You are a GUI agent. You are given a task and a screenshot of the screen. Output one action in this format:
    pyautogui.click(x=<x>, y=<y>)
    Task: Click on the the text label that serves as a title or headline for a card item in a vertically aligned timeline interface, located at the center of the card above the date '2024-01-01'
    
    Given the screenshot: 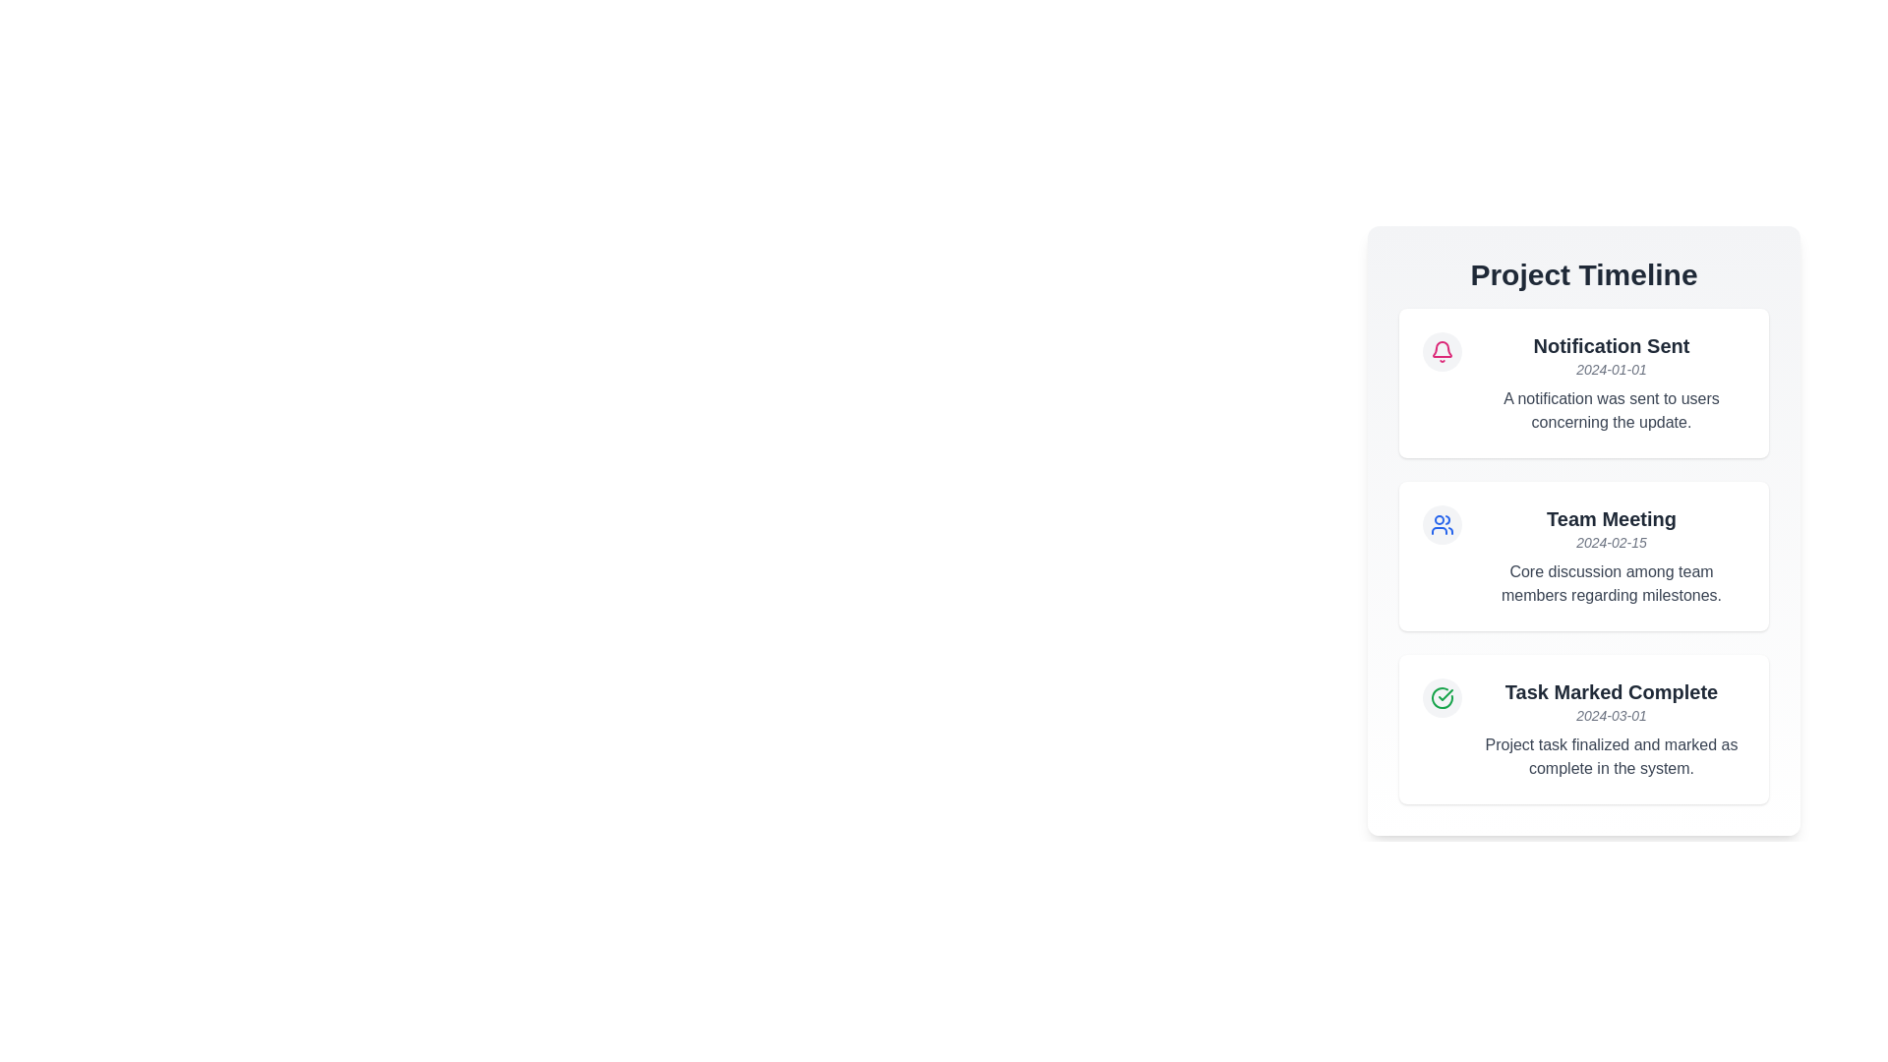 What is the action you would take?
    pyautogui.click(x=1611, y=344)
    